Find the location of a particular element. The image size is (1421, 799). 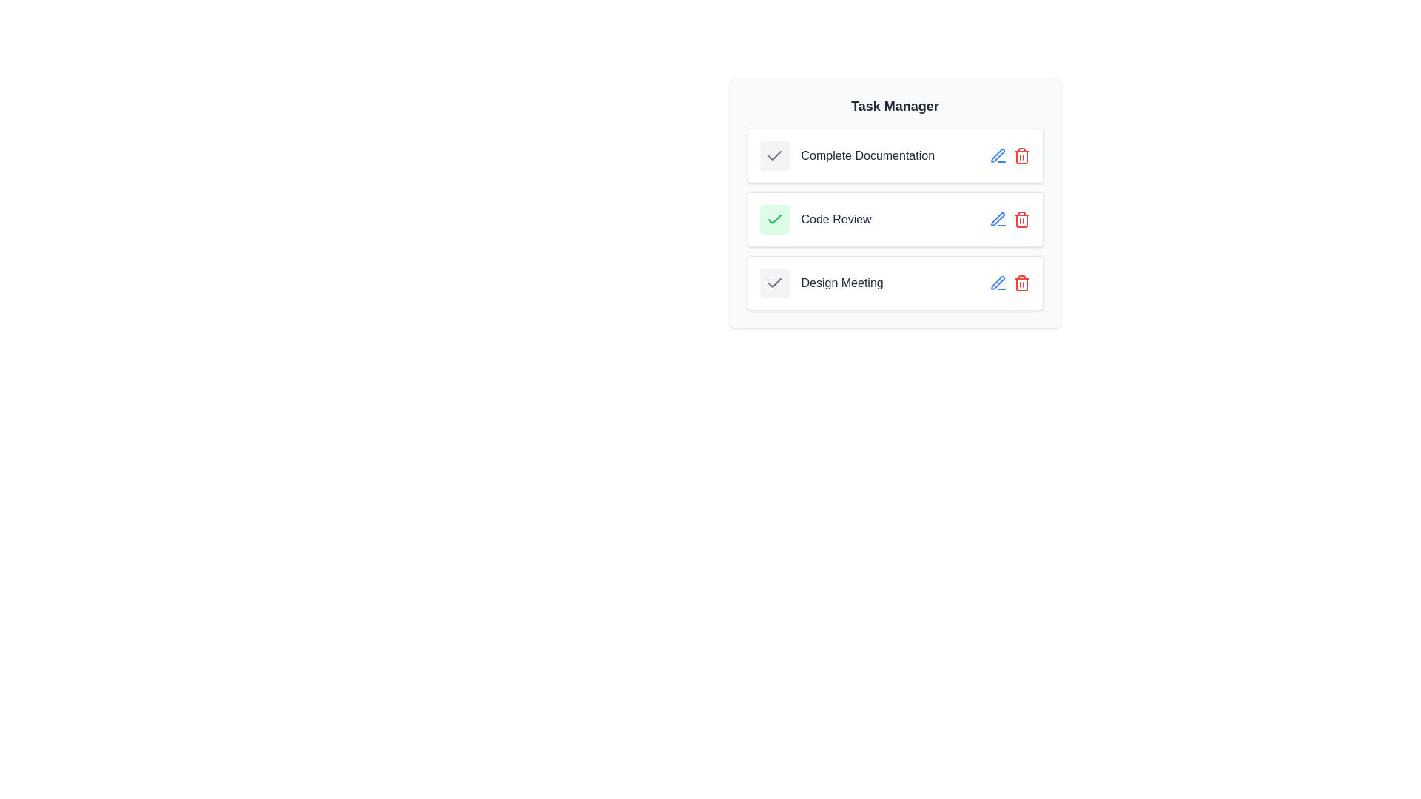

the red trash can icon located at the far right of the 'Design Meeting' task row is located at coordinates (1021, 283).